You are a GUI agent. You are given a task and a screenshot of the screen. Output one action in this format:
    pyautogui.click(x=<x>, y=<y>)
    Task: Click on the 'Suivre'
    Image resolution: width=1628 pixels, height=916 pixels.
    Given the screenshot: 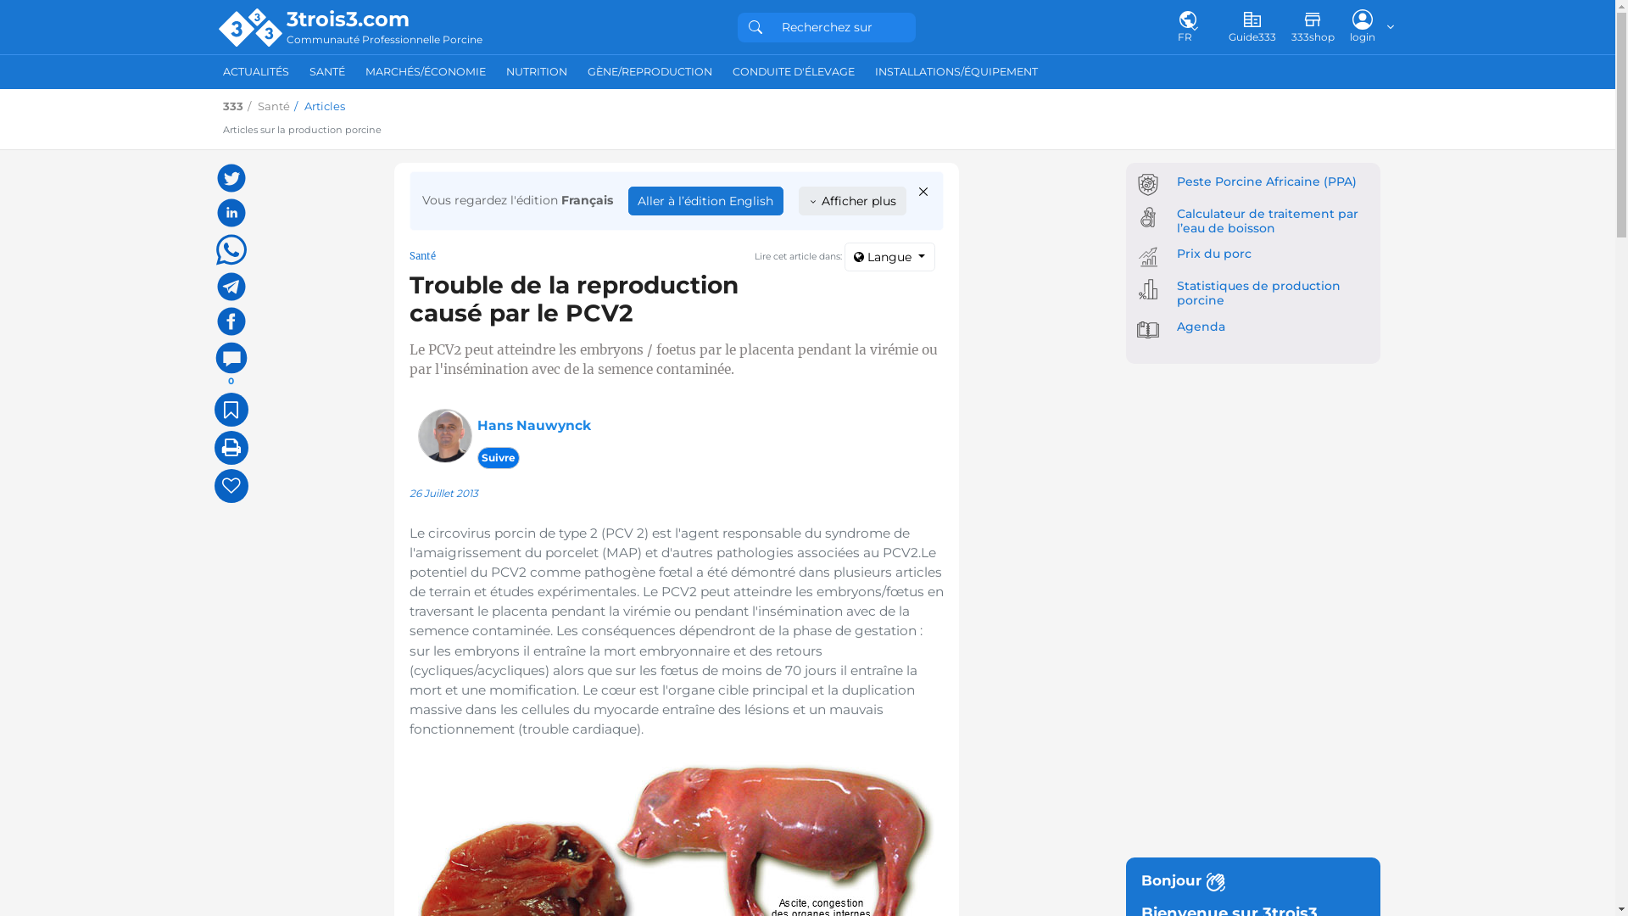 What is the action you would take?
    pyautogui.click(x=475, y=458)
    